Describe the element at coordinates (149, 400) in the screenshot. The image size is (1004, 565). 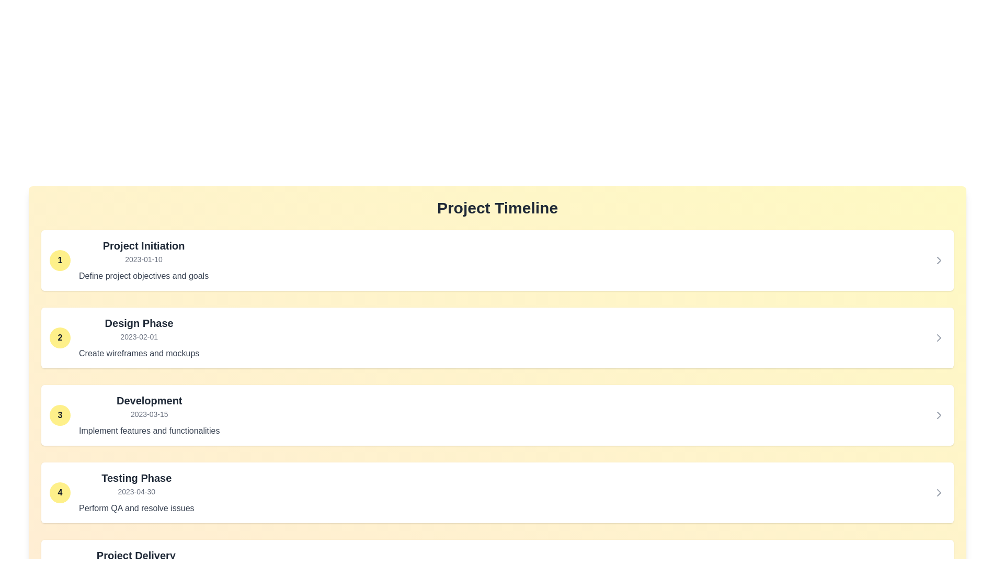
I see `the text label that displays 'Development', which is styled prominently as a header in a dark gray color` at that location.